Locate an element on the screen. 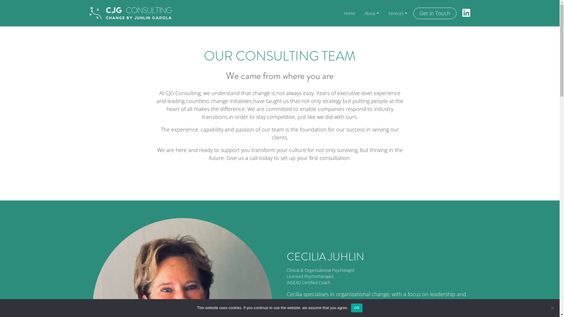 Image resolution: width=564 pixels, height=317 pixels. 'About' is located at coordinates (371, 13).